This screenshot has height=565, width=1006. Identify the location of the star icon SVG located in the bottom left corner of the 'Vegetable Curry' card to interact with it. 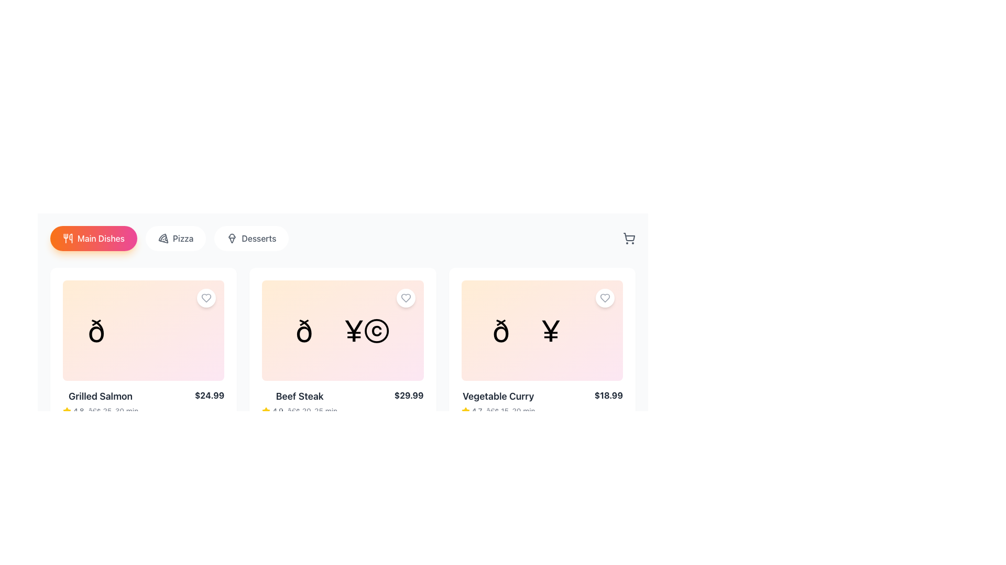
(465, 410).